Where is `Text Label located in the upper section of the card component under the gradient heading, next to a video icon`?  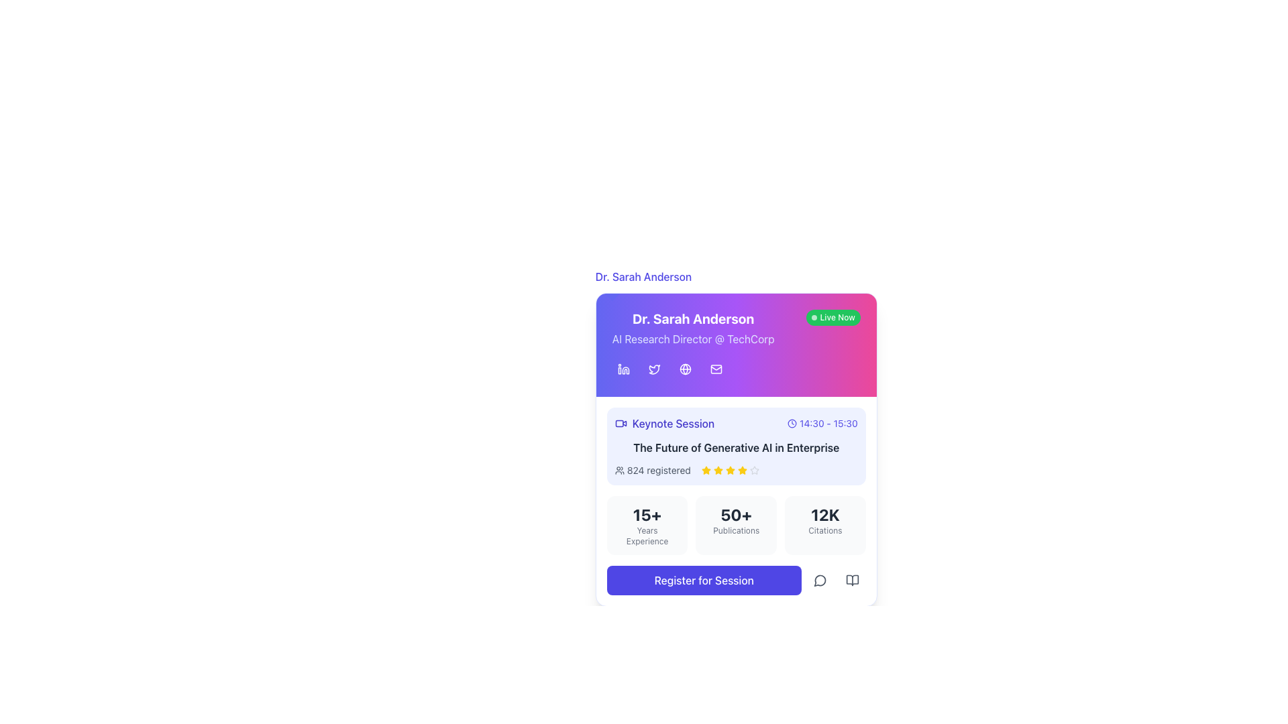 Text Label located in the upper section of the card component under the gradient heading, next to a video icon is located at coordinates (673, 424).